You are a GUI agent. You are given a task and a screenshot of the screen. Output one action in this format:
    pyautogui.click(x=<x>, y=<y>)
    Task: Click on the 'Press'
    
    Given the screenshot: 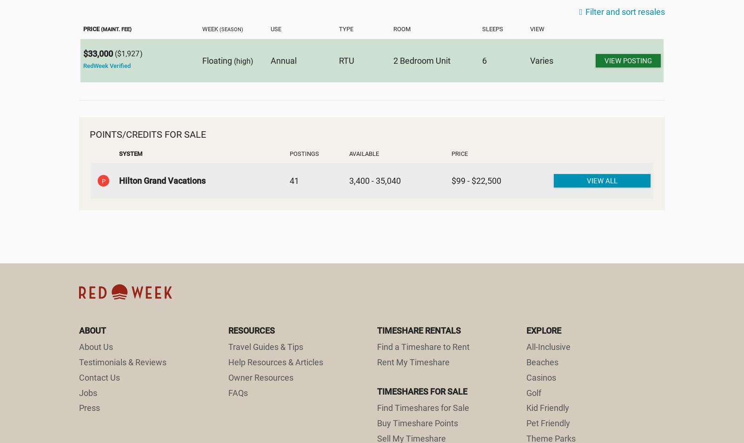 What is the action you would take?
    pyautogui.click(x=78, y=408)
    